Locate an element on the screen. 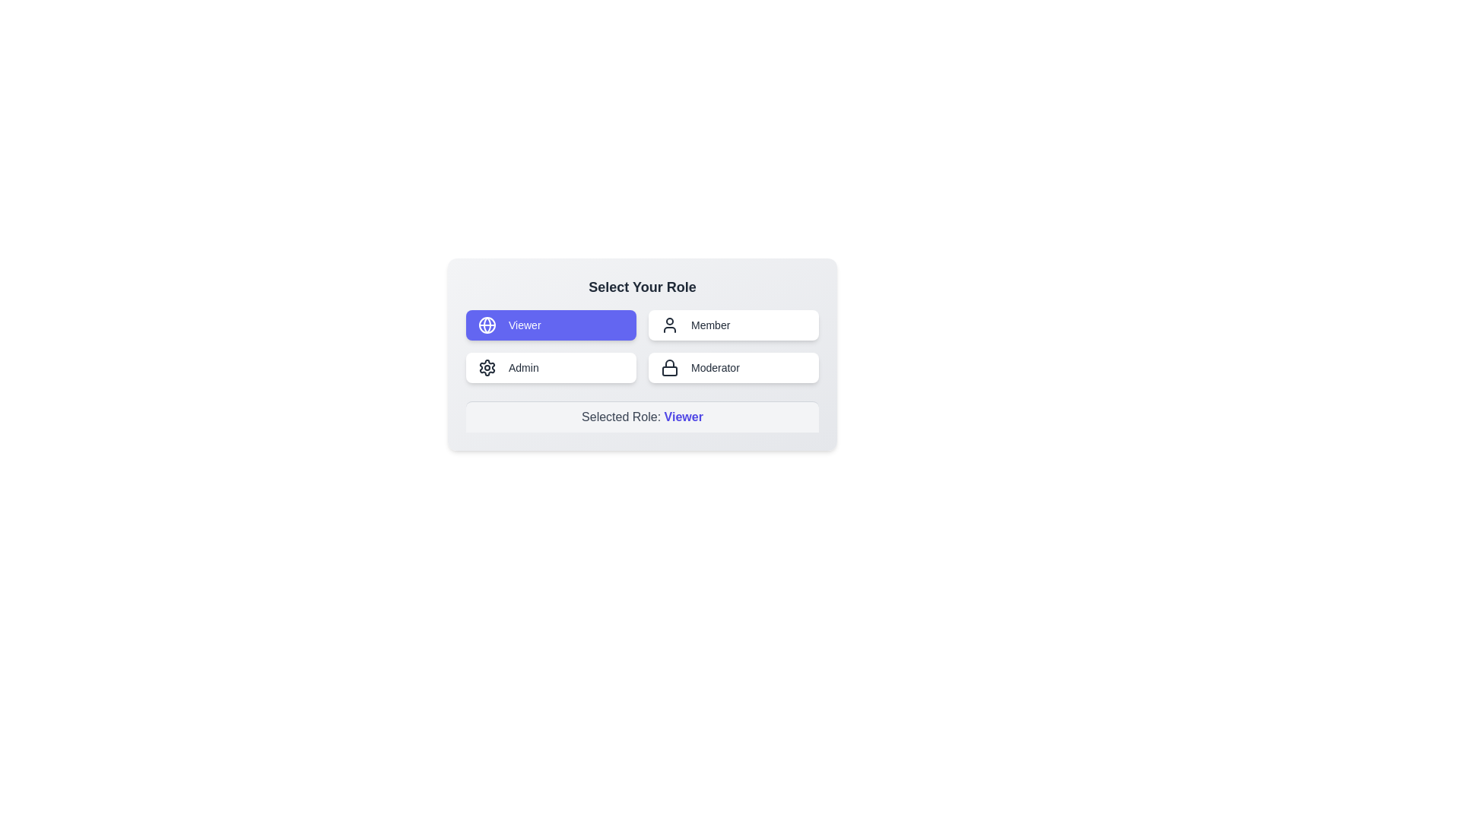 Image resolution: width=1460 pixels, height=821 pixels. the role Member by clicking on the corresponding button is located at coordinates (733, 325).